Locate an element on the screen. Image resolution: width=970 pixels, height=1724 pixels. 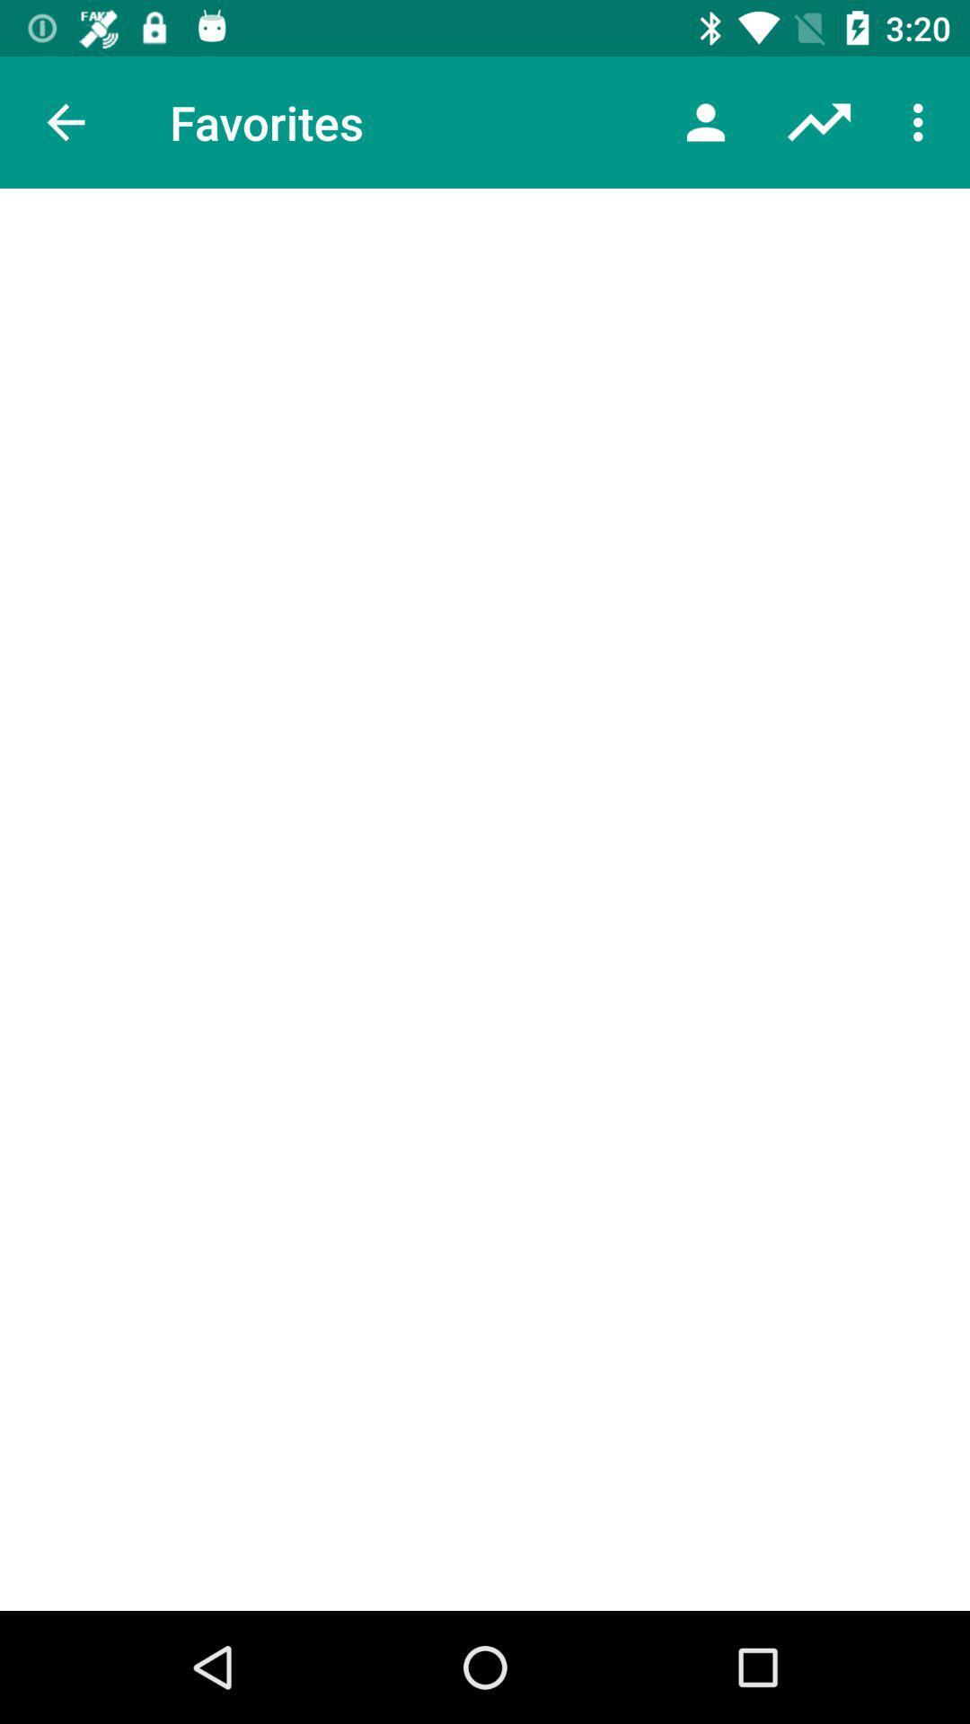
the icon to the right of the favorites item is located at coordinates (705, 121).